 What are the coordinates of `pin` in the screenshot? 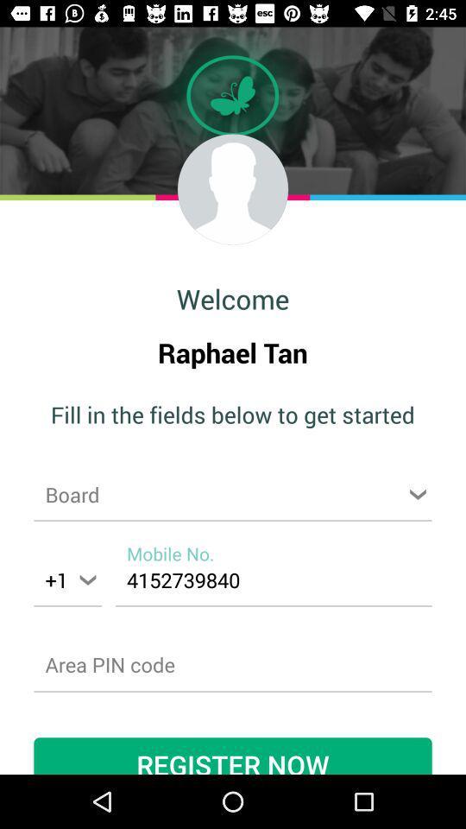 It's located at (233, 664).